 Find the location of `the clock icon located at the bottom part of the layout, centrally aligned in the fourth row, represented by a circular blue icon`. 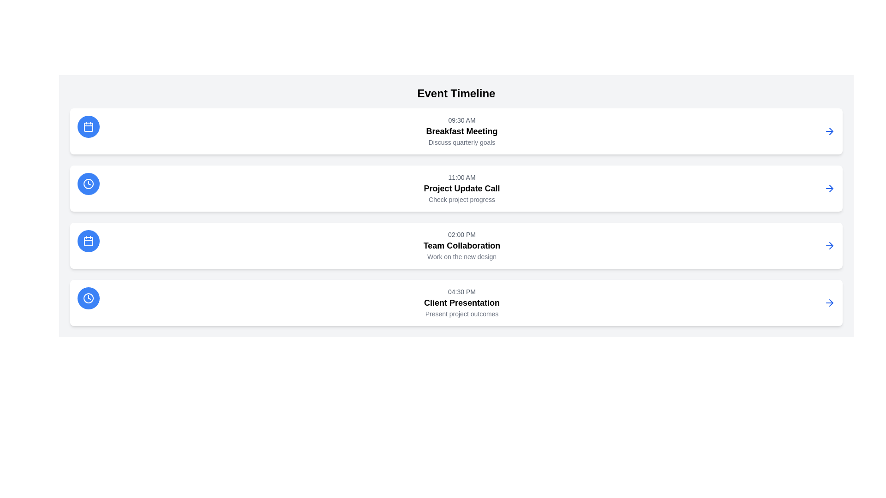

the clock icon located at the bottom part of the layout, centrally aligned in the fourth row, represented by a circular blue icon is located at coordinates (89, 184).